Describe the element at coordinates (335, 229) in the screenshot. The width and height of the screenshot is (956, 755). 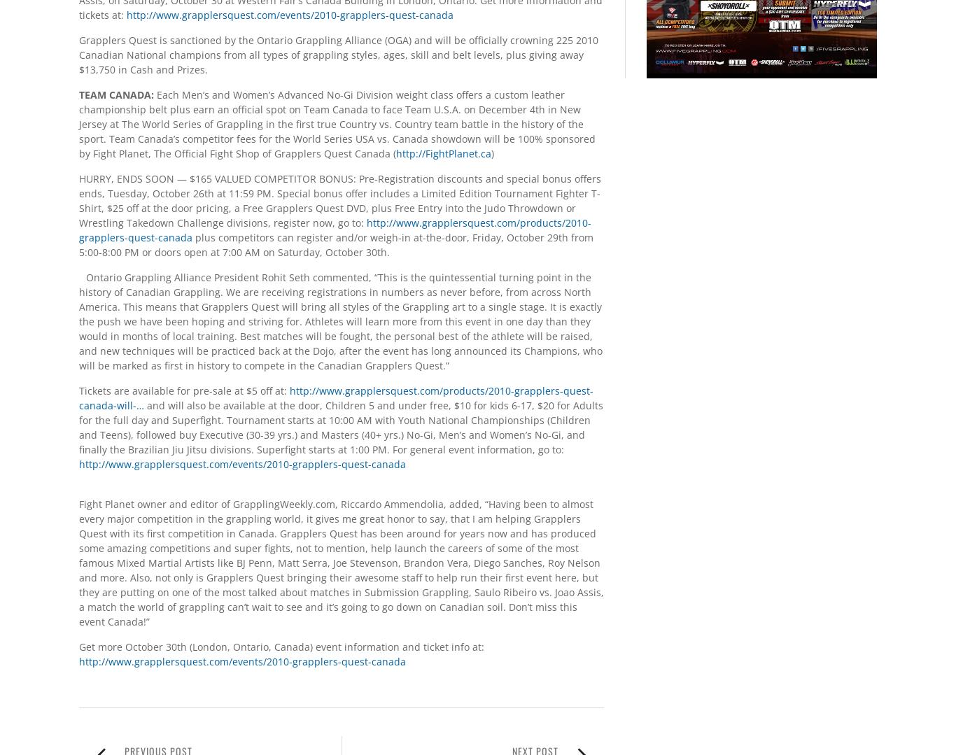
I see `'http://www.grapplersquest.com/products/2010-grapplers-quest-canada'` at that location.